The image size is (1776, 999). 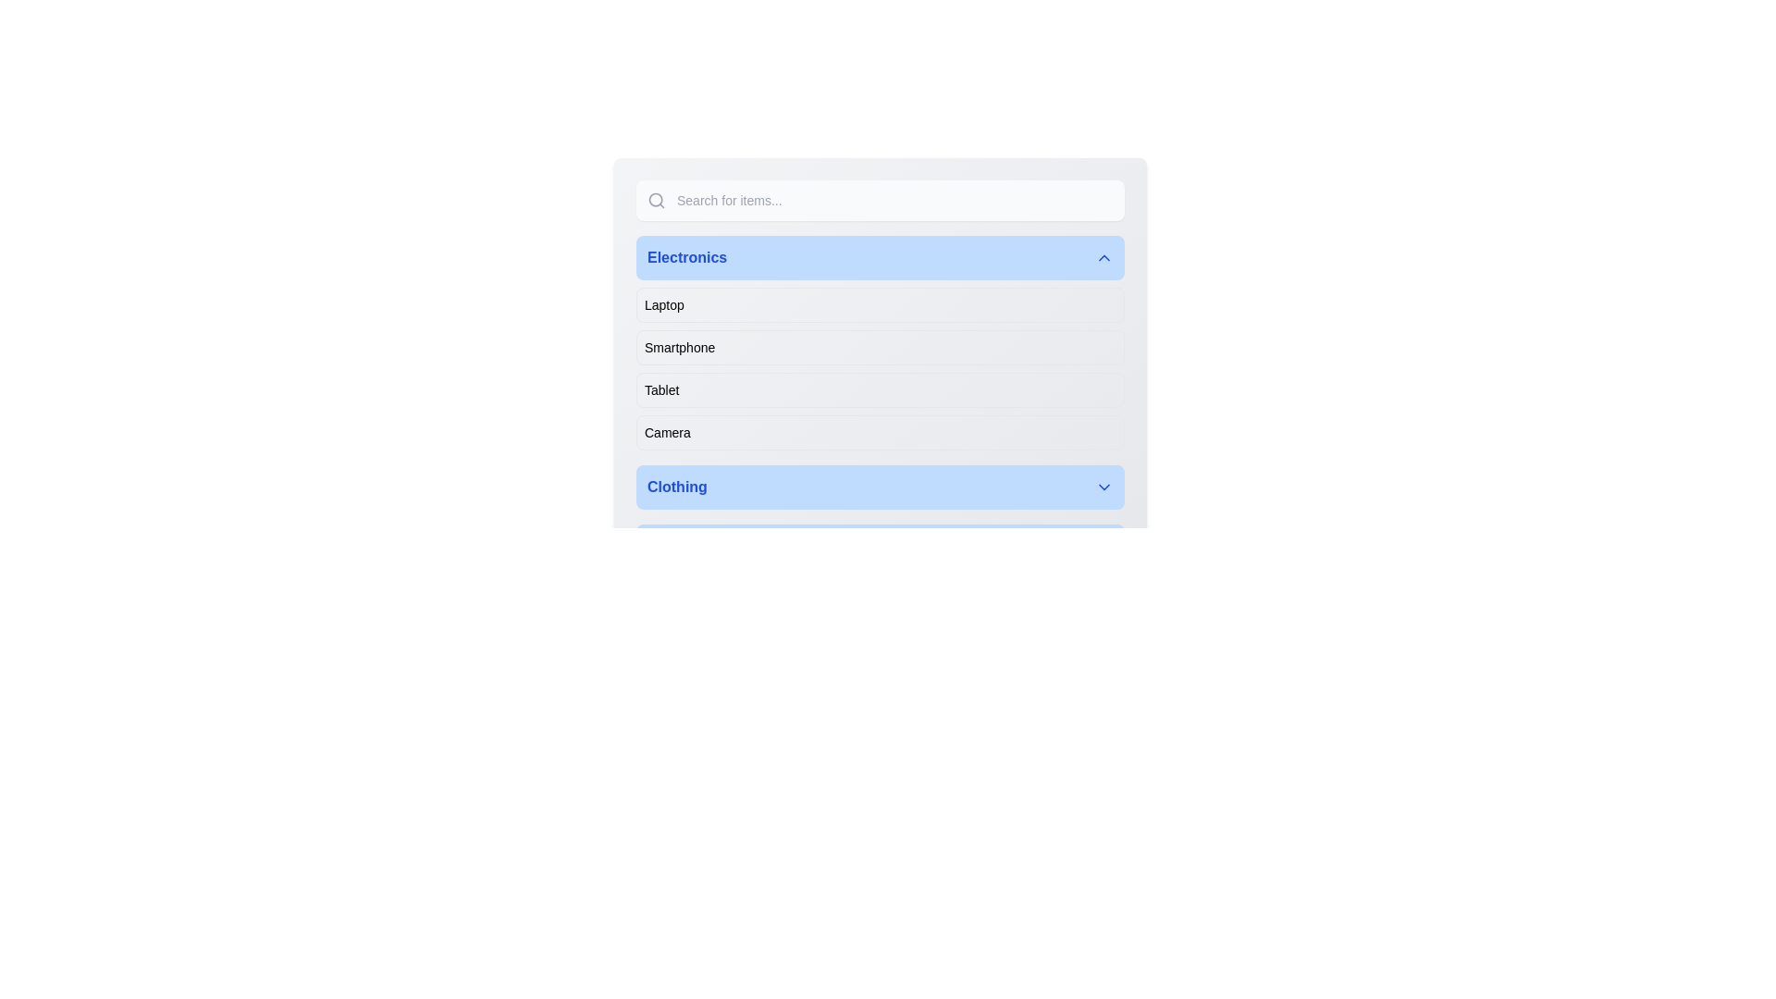 What do you see at coordinates (879, 304) in the screenshot?
I see `to select the 'Laptop' option from the first selectable list item under the 'Electronics' section` at bounding box center [879, 304].